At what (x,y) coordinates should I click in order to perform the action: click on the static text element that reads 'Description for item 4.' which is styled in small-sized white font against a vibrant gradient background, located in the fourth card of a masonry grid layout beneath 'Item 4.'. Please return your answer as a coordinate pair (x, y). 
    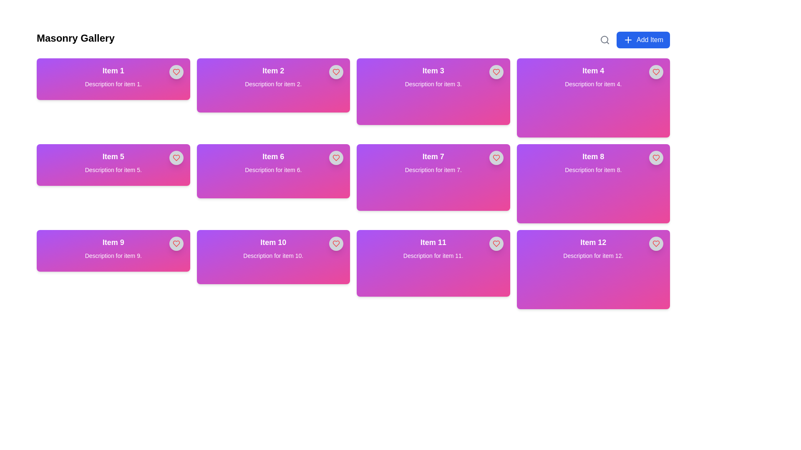
    Looking at the image, I should click on (593, 84).